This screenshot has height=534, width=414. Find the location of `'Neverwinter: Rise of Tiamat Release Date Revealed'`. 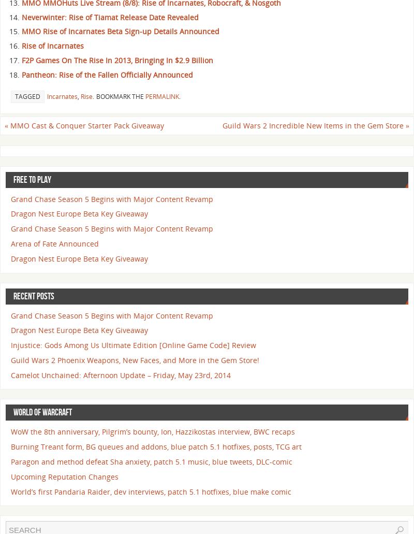

'Neverwinter: Rise of Tiamat Release Date Revealed' is located at coordinates (21, 17).